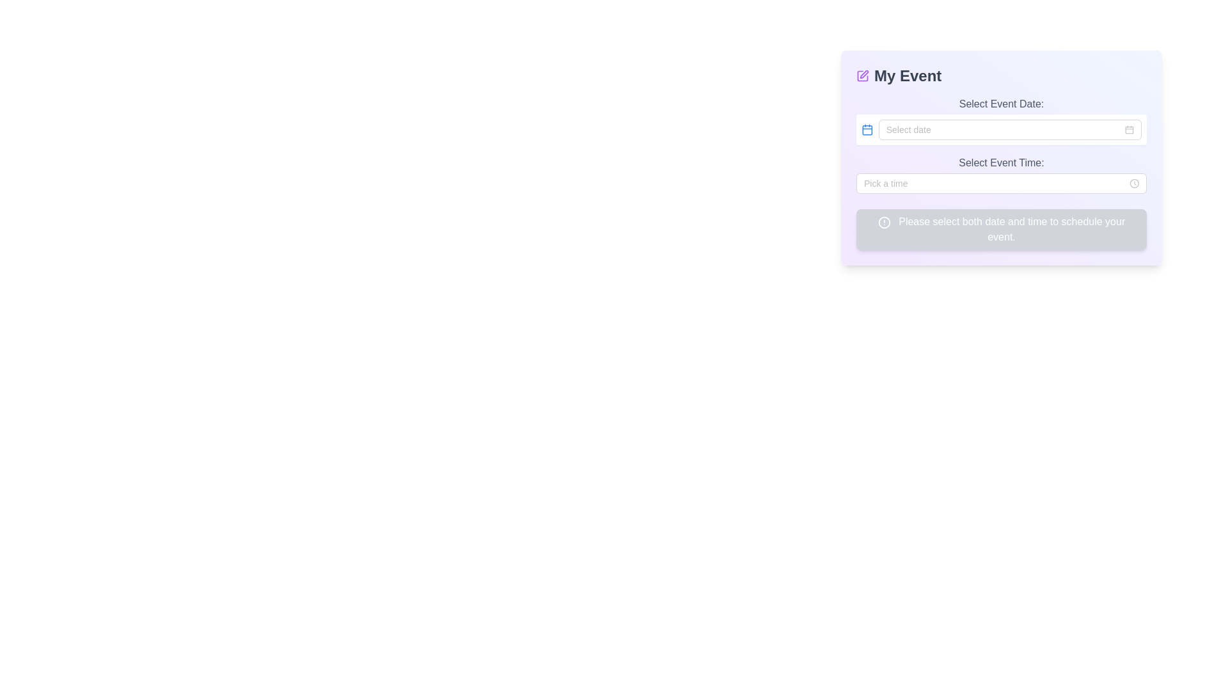 This screenshot has width=1228, height=691. What do you see at coordinates (867, 130) in the screenshot?
I see `the decorative graphical element within the blue calendar icon, which indicates a click area for date selection, located to the left of the 'Select date' input field in the 'My Event' form` at bounding box center [867, 130].